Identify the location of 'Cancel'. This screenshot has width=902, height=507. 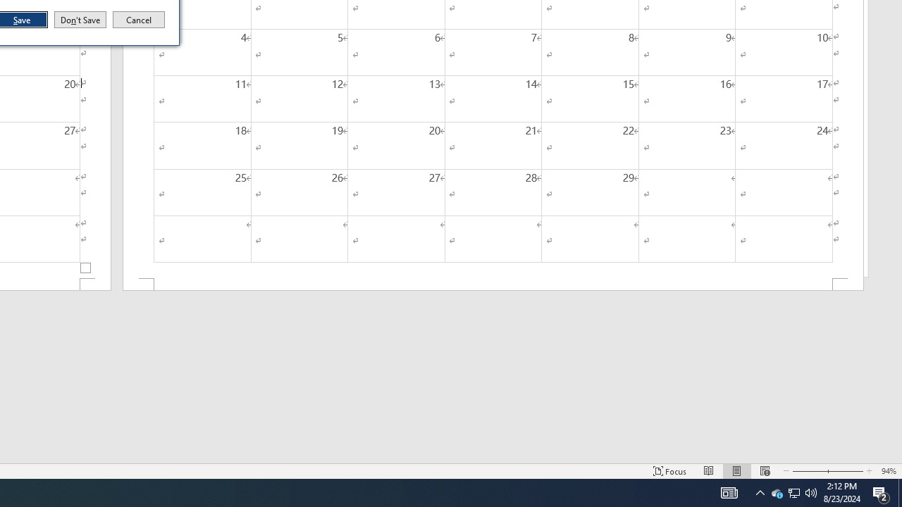
(139, 20).